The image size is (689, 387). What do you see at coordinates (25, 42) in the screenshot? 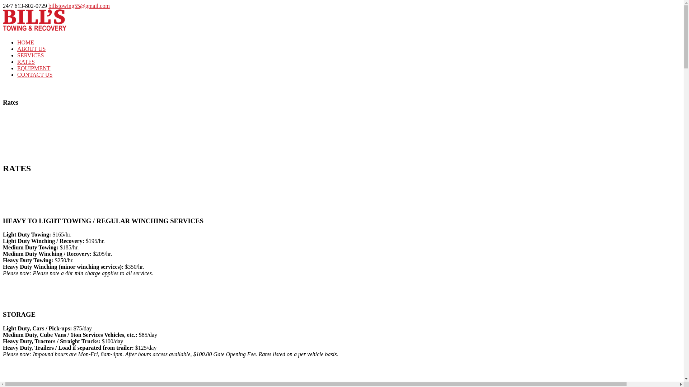
I see `'HOME'` at bounding box center [25, 42].